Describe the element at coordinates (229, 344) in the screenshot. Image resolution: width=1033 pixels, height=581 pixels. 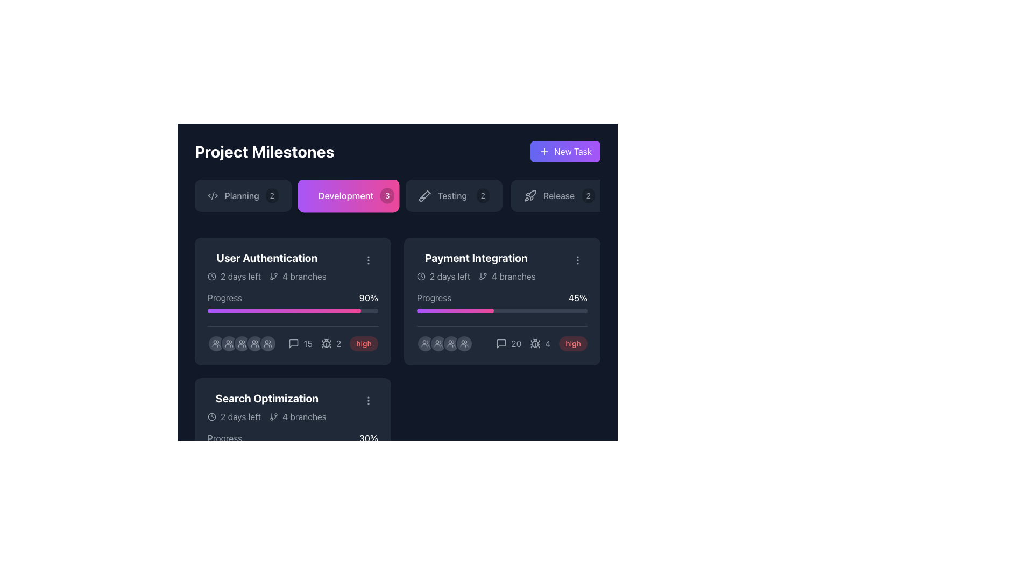
I see `the SVG icon representing a group of people, which is the first icon from the left in the 'User Authentication' progress card view on the main dashboard` at that location.